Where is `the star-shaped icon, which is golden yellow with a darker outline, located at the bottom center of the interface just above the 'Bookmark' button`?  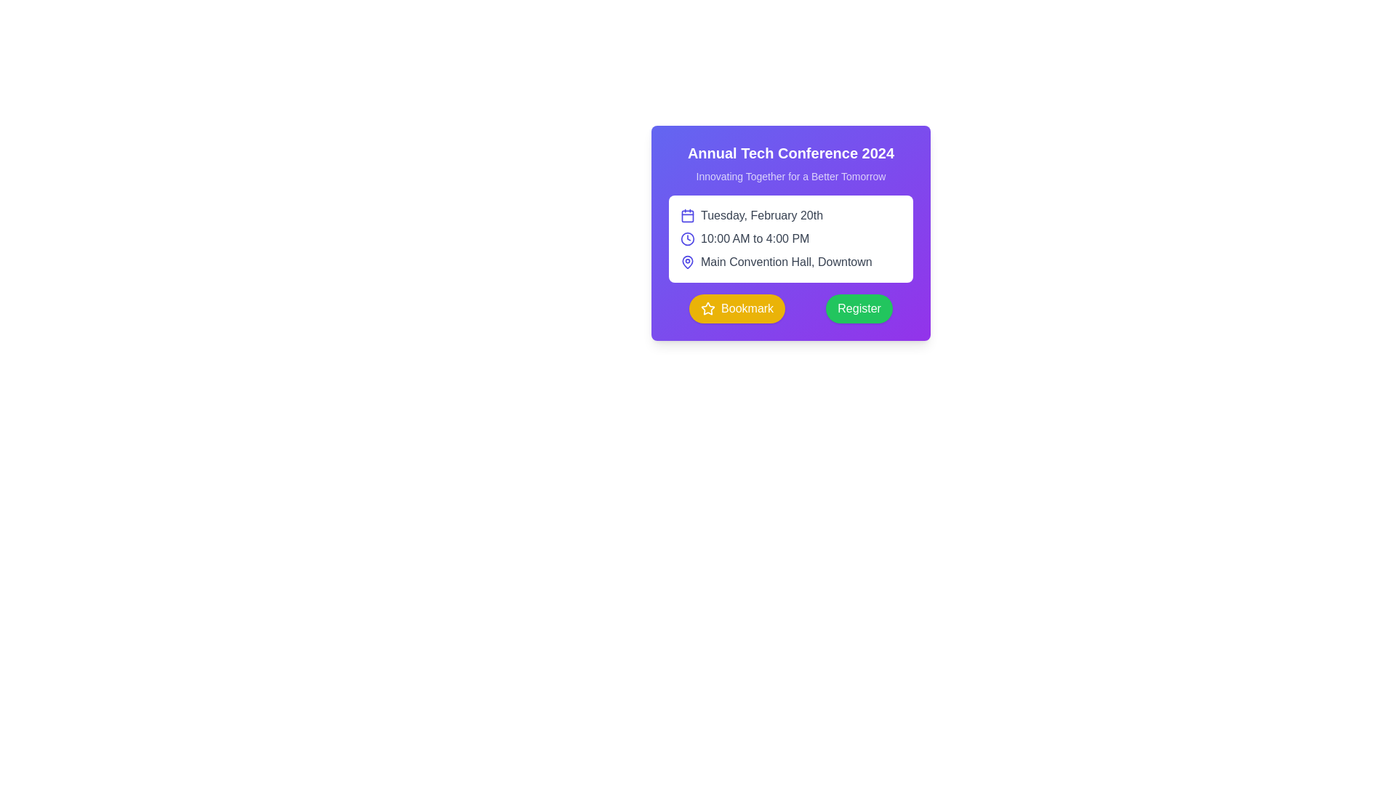 the star-shaped icon, which is golden yellow with a darker outline, located at the bottom center of the interface just above the 'Bookmark' button is located at coordinates (708, 307).